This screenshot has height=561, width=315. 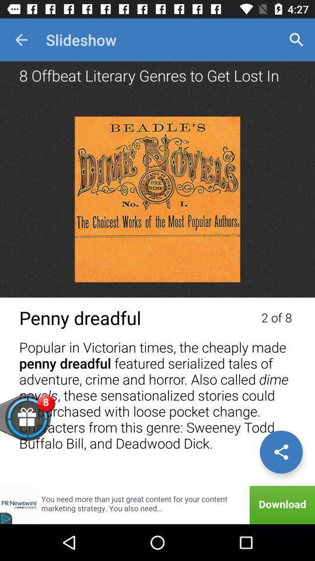 I want to click on click gift button, so click(x=45, y=424).